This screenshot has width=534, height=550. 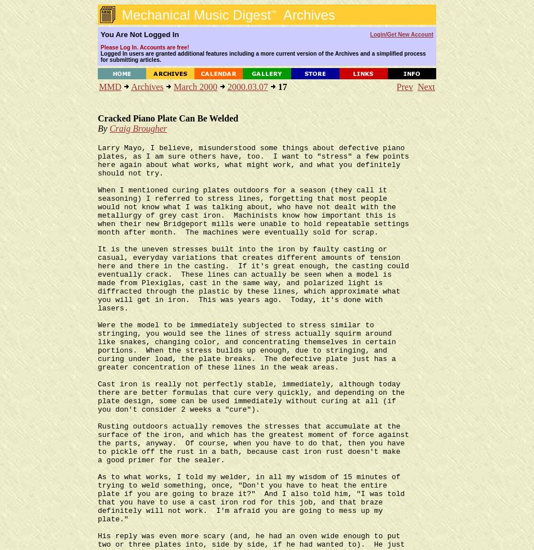 What do you see at coordinates (110, 87) in the screenshot?
I see `'MMD'` at bounding box center [110, 87].